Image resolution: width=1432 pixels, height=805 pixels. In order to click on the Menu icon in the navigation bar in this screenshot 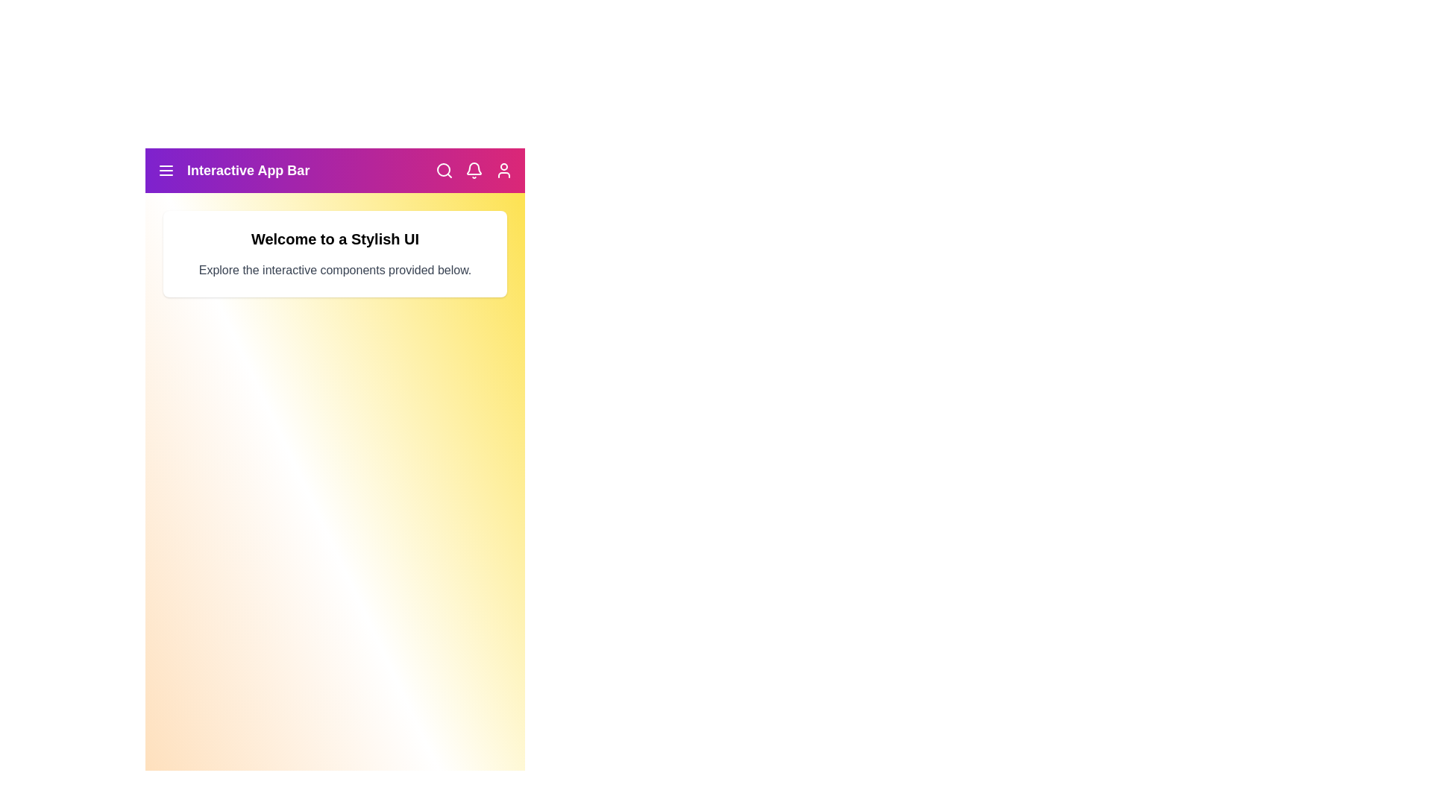, I will do `click(166, 169)`.